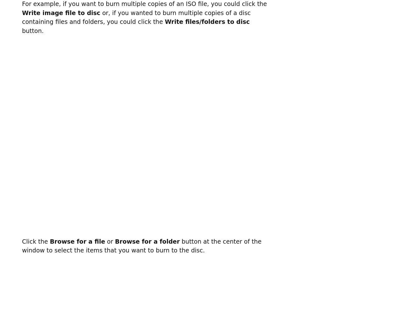 The height and width of the screenshot is (330, 409). What do you see at coordinates (141, 245) in the screenshot?
I see `'button at the center of the window to select the items that you want to burn to the disc.'` at bounding box center [141, 245].